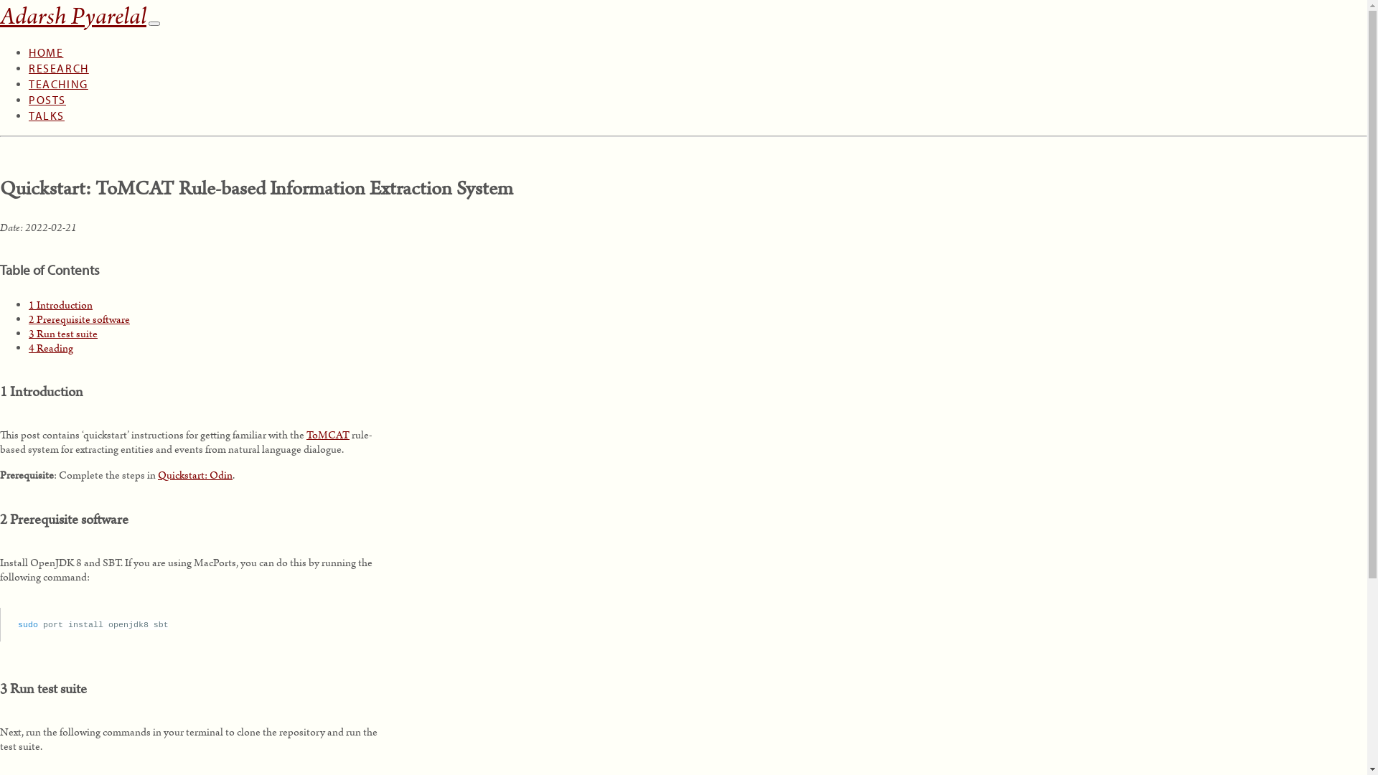 This screenshot has height=775, width=1378. Describe the element at coordinates (194, 475) in the screenshot. I see `'Quickstart: Odin'` at that location.